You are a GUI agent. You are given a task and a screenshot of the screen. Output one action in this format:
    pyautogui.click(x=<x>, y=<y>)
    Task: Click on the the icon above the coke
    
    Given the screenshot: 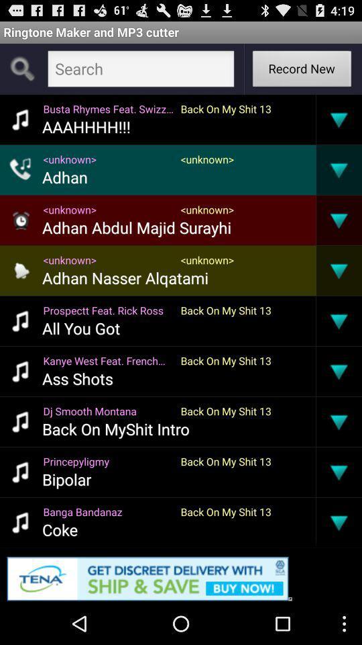 What is the action you would take?
    pyautogui.click(x=107, y=511)
    